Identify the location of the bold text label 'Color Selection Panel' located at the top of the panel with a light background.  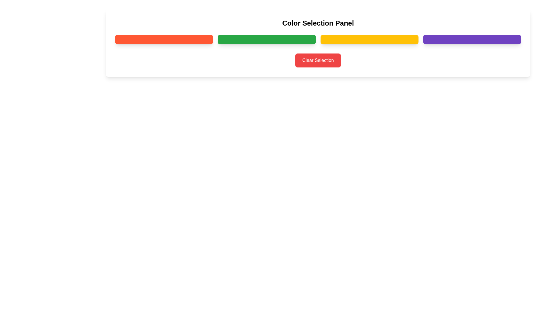
(318, 23).